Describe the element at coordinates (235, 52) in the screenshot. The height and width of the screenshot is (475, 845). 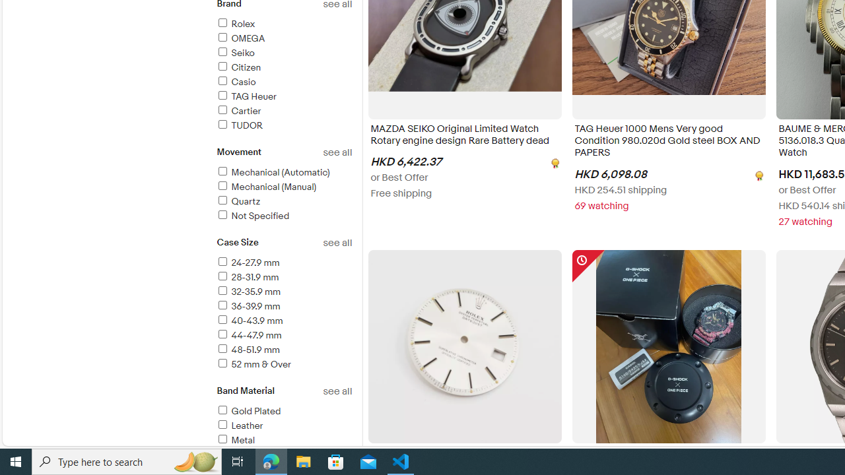
I see `'Seiko'` at that location.